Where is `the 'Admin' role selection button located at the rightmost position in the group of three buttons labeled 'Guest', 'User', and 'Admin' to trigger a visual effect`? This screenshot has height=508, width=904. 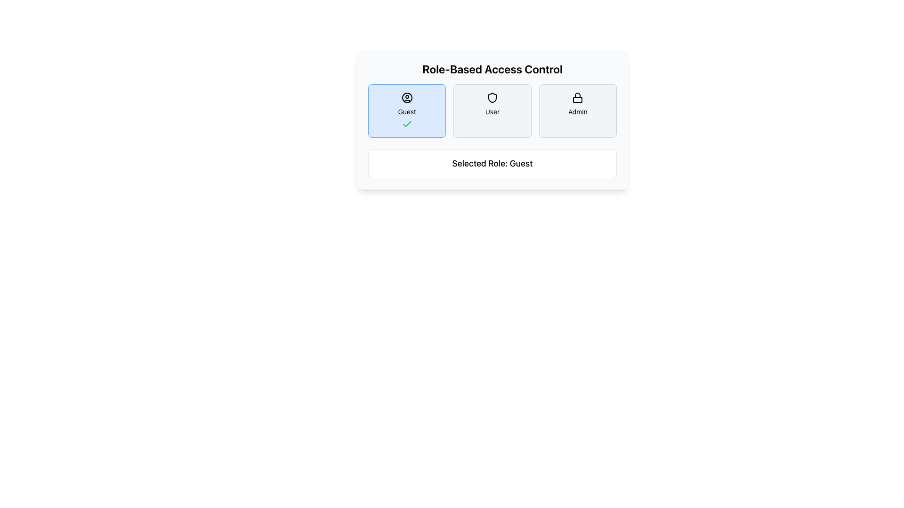
the 'Admin' role selection button located at the rightmost position in the group of three buttons labeled 'Guest', 'User', and 'Admin' to trigger a visual effect is located at coordinates (577, 110).